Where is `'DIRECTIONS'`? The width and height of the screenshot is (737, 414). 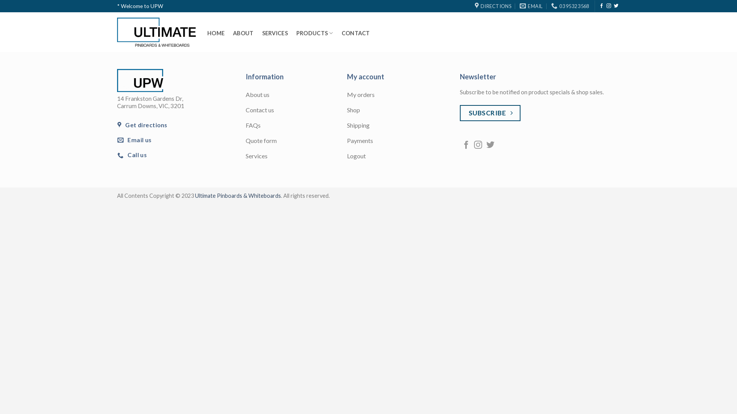
'DIRECTIONS' is located at coordinates (493, 6).